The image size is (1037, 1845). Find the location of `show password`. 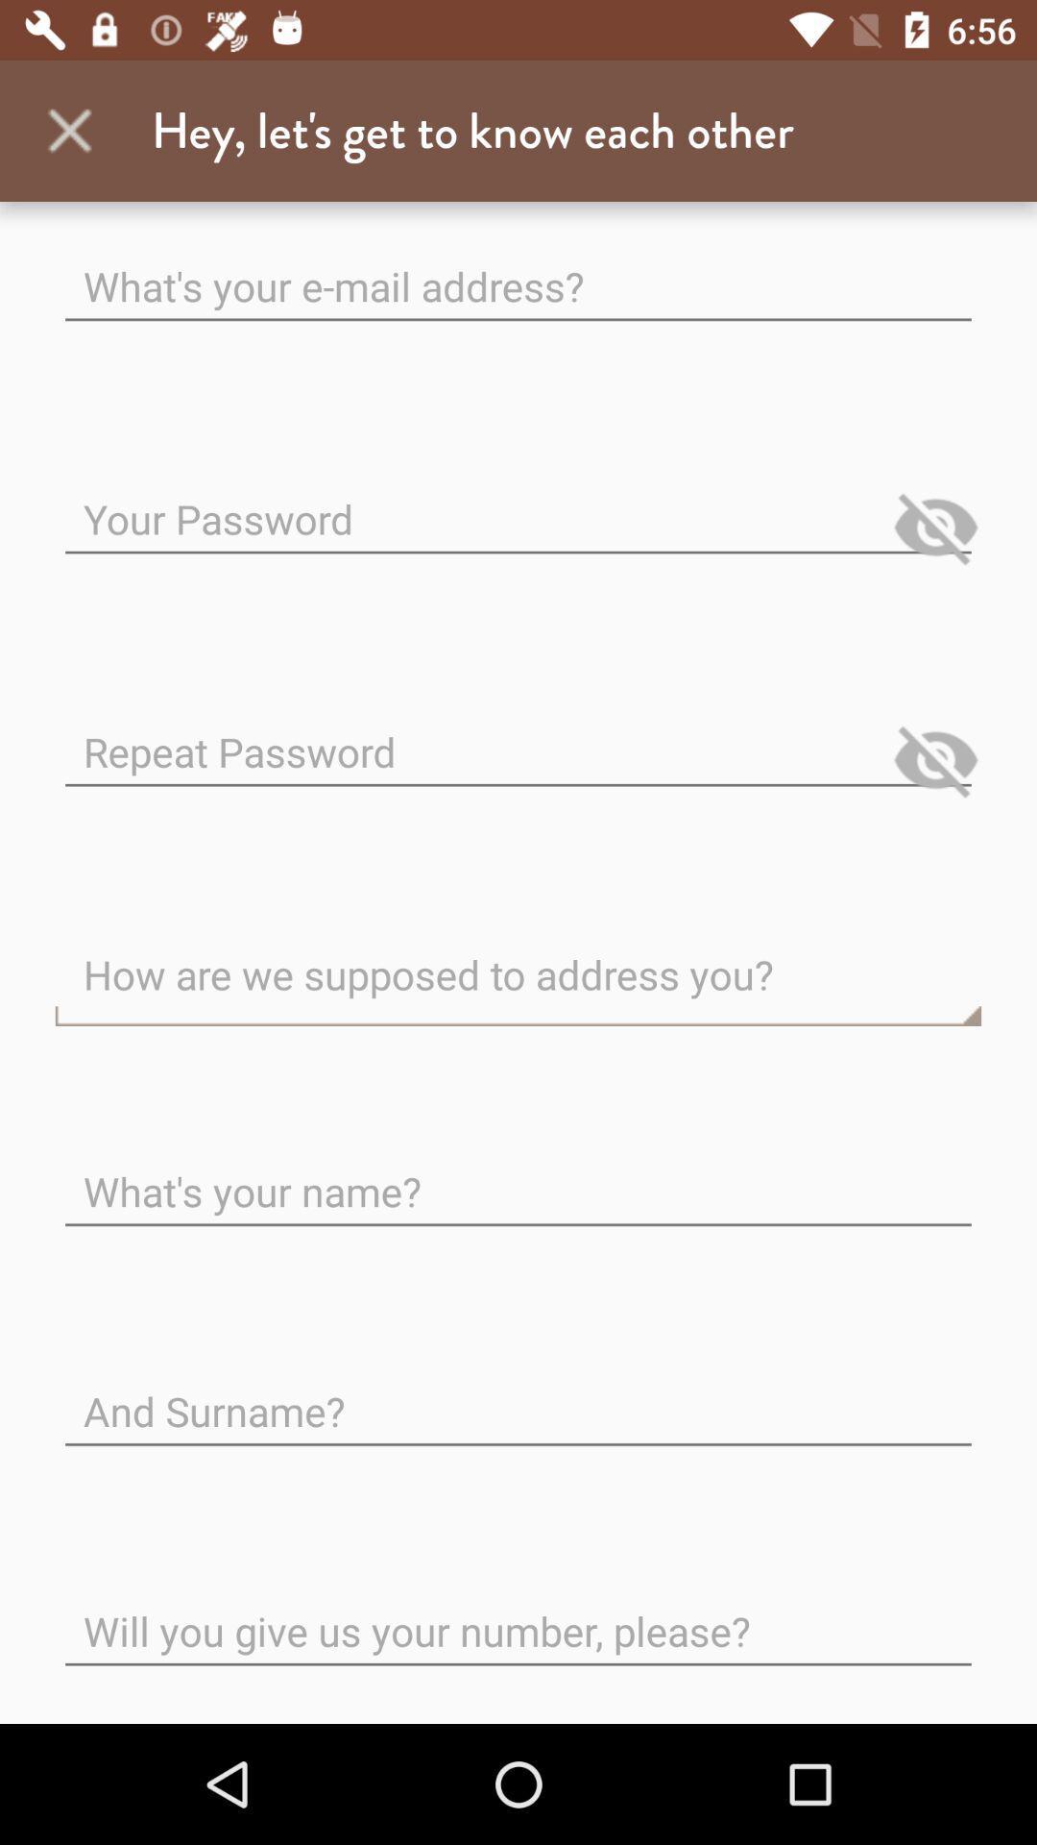

show password is located at coordinates (935, 759).